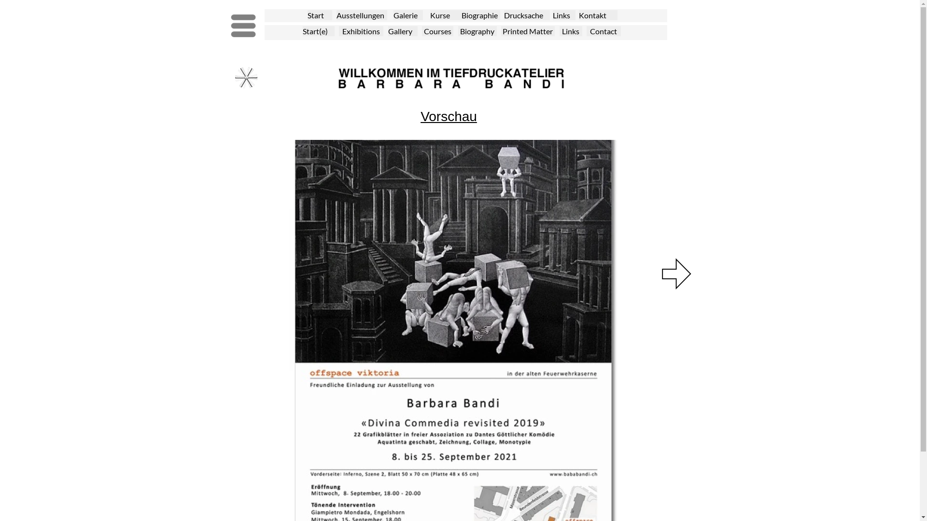 The width and height of the screenshot is (927, 521). Describe the element at coordinates (403, 31) in the screenshot. I see `'Gallery'` at that location.